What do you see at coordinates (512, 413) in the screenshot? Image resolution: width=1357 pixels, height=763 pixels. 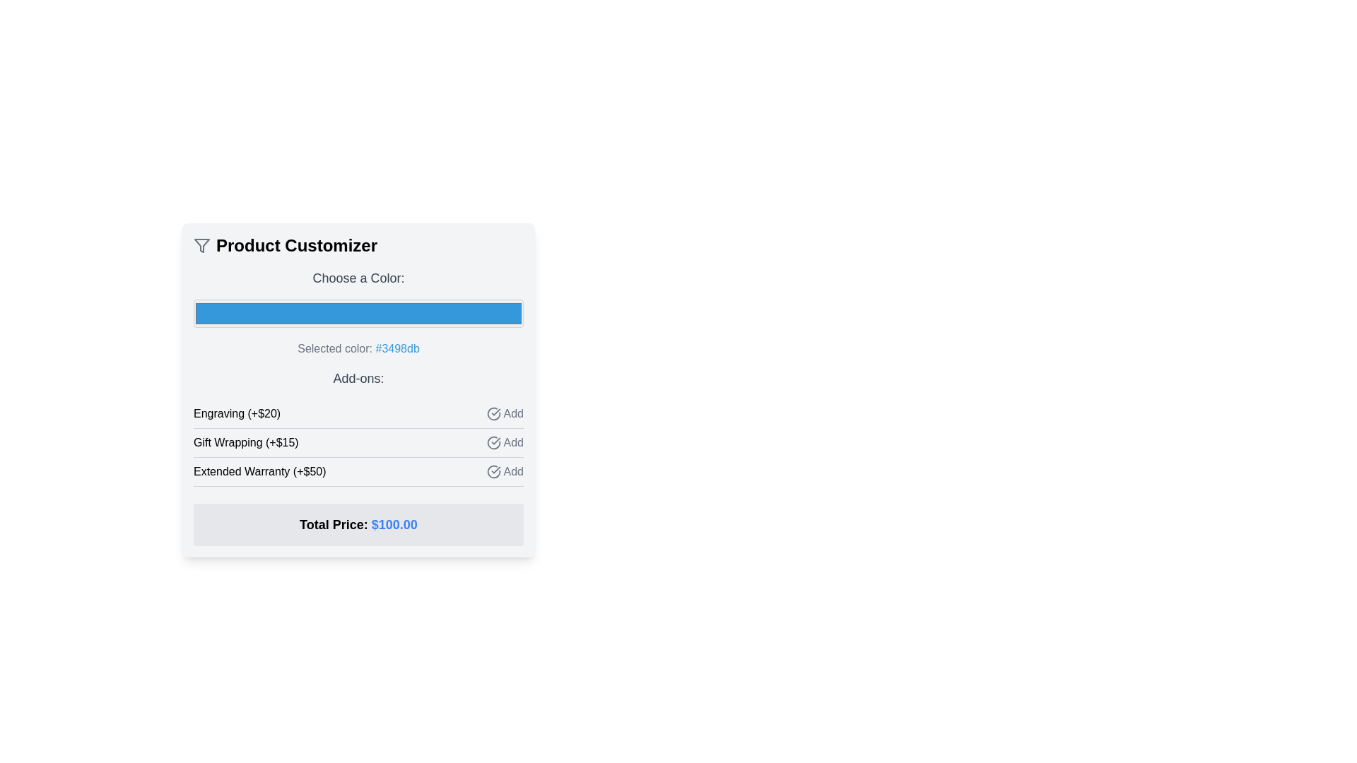 I see `the label for 'Engraving (+$20)' located at the far right of the 'Add-ons' section` at bounding box center [512, 413].